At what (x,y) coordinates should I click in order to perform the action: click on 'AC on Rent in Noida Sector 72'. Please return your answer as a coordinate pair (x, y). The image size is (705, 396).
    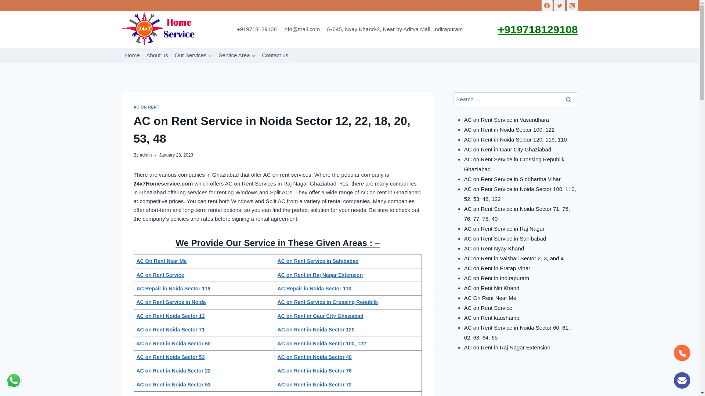
    Looking at the image, I should click on (315, 384).